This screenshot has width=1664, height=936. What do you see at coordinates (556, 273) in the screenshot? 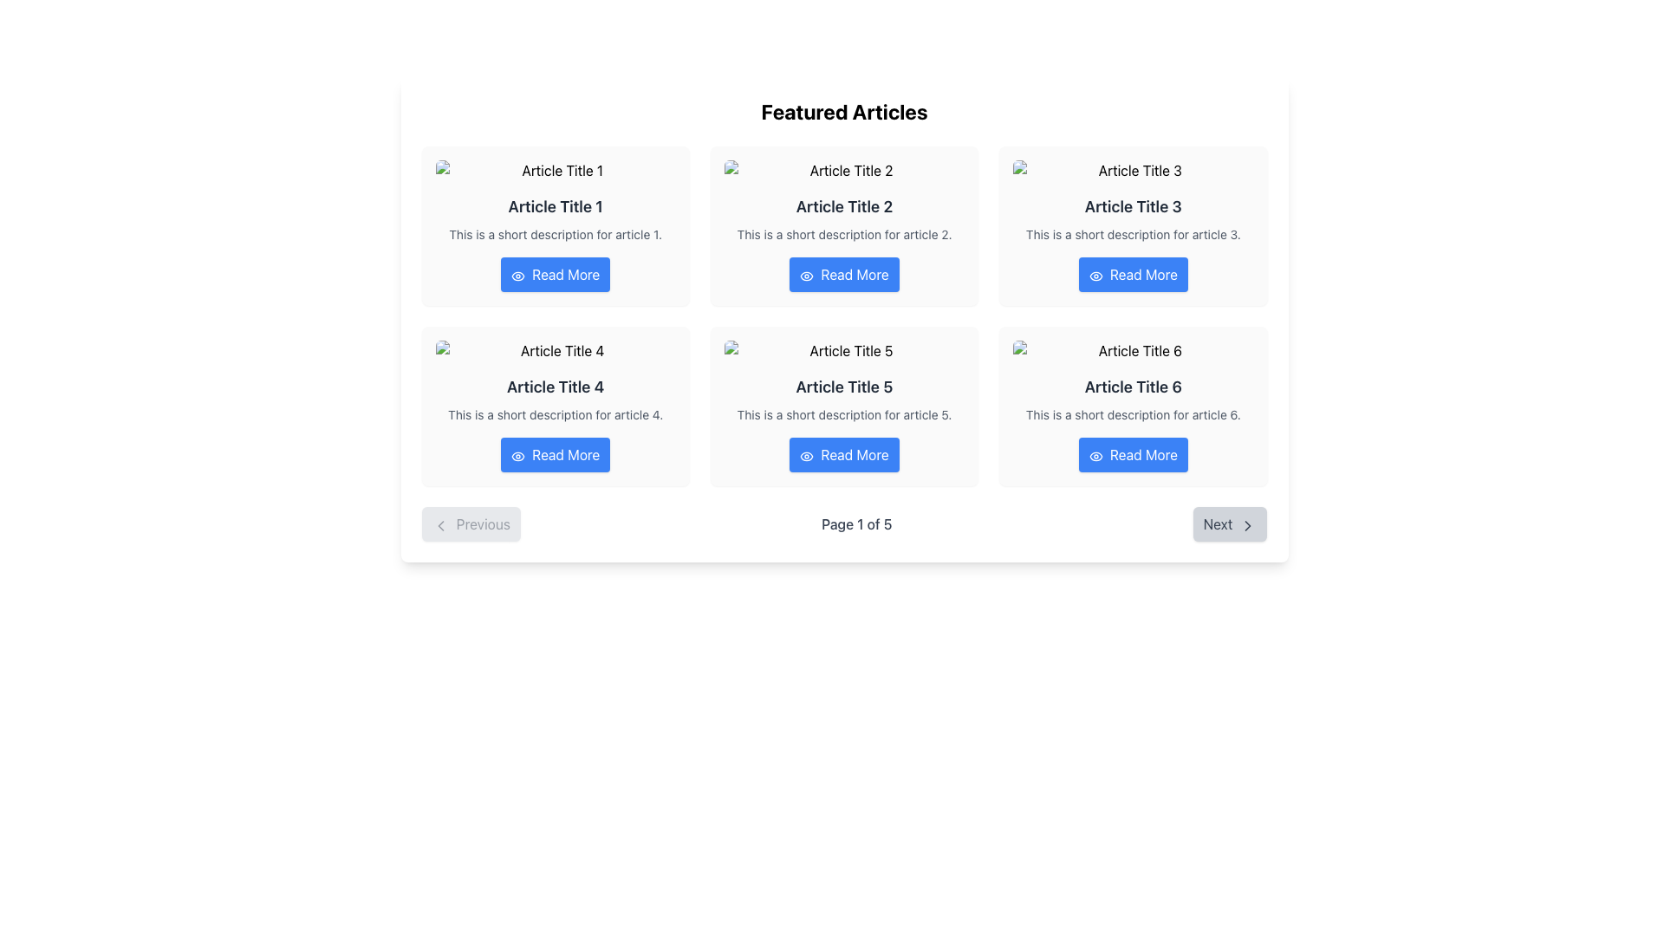
I see `the button located in the top-left corner of the first article card` at bounding box center [556, 273].